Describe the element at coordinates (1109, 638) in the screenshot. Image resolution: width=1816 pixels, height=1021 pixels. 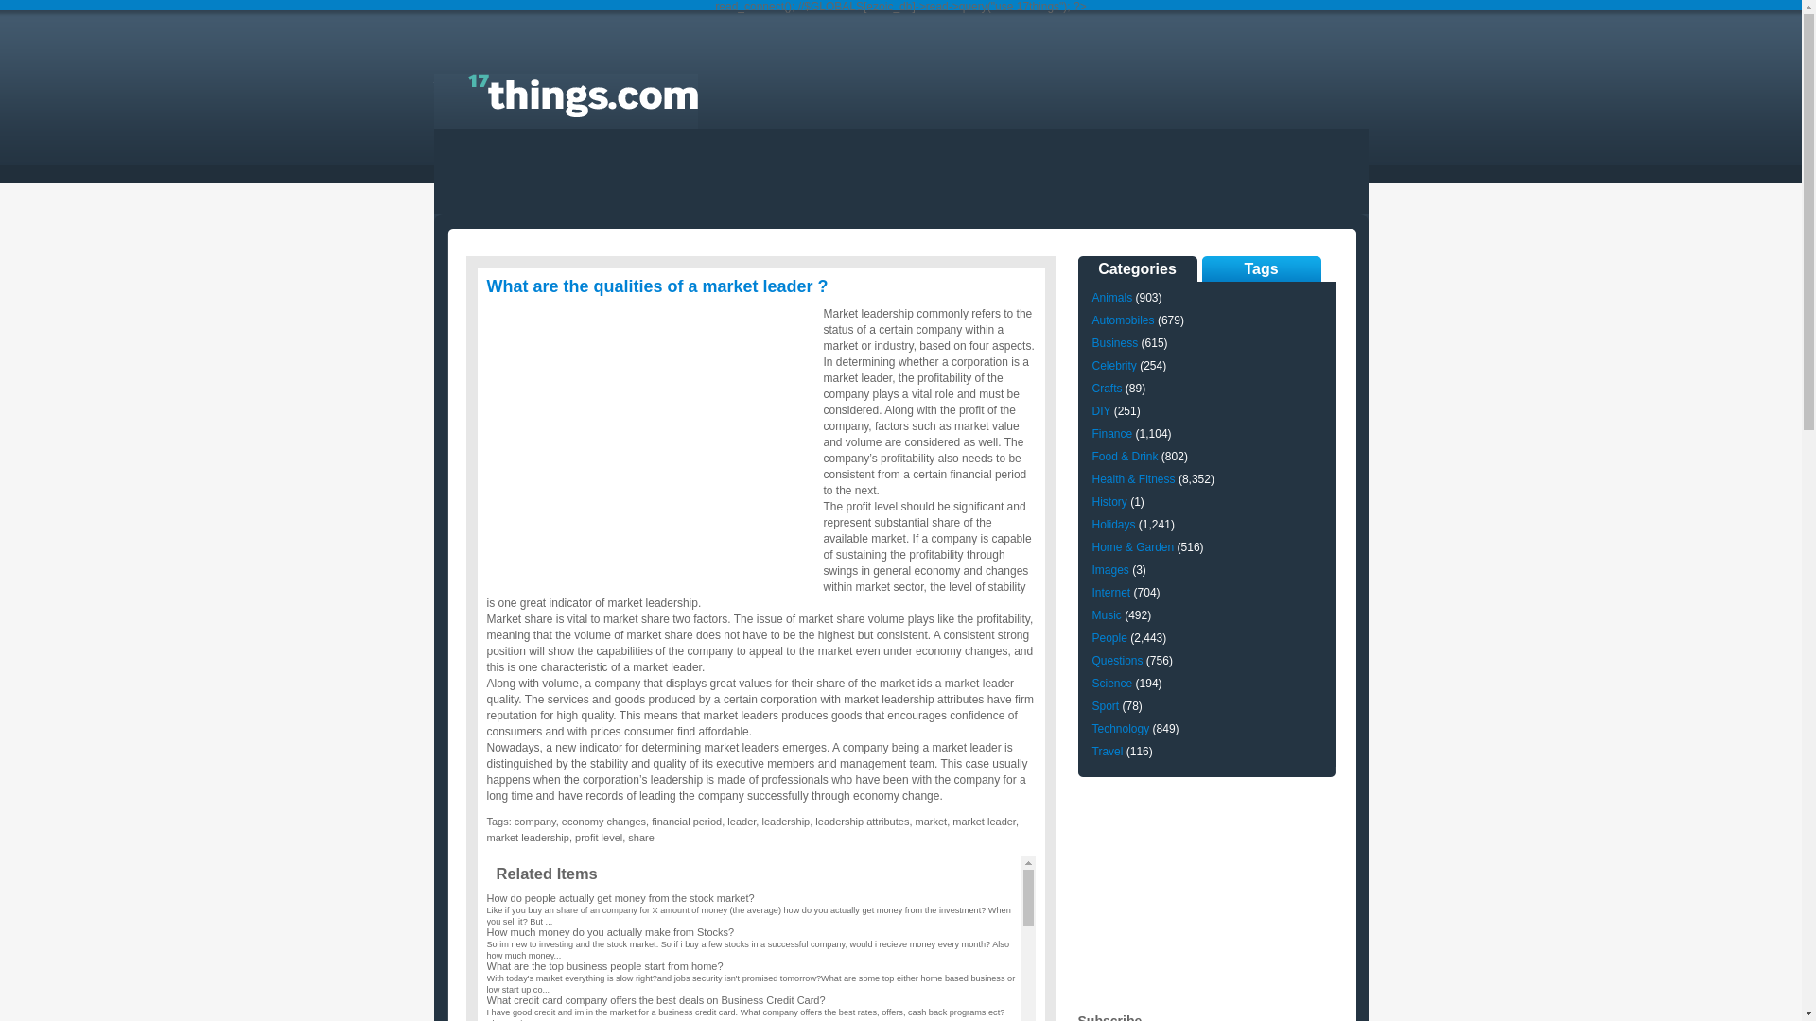
I see `'People'` at that location.